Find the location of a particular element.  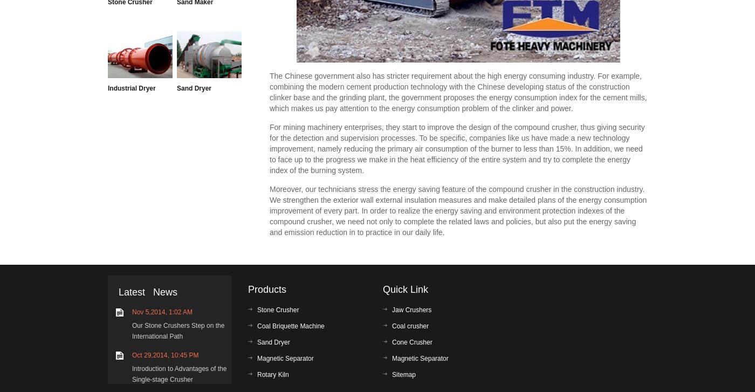

'Coal crusher' is located at coordinates (410, 326).